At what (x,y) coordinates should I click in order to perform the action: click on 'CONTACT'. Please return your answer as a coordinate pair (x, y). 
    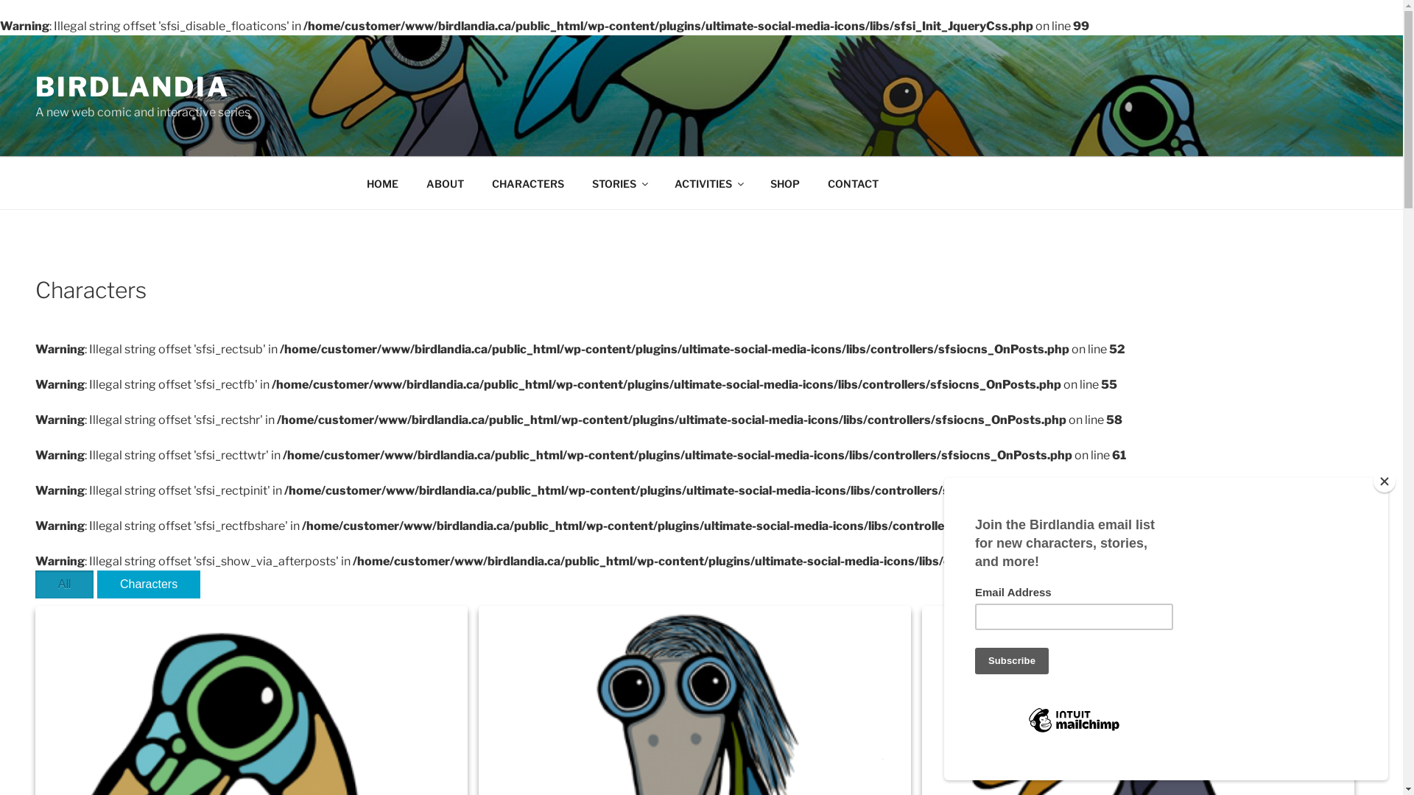
    Looking at the image, I should click on (852, 182).